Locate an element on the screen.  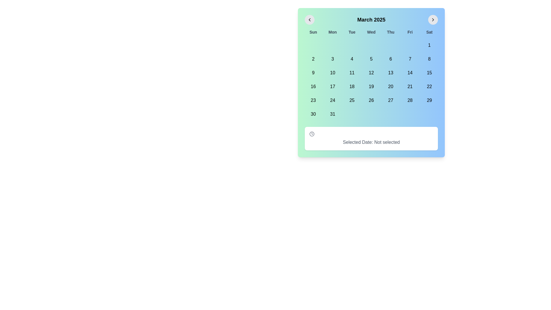
the date button representing '18' in the calendar interface is located at coordinates (352, 86).